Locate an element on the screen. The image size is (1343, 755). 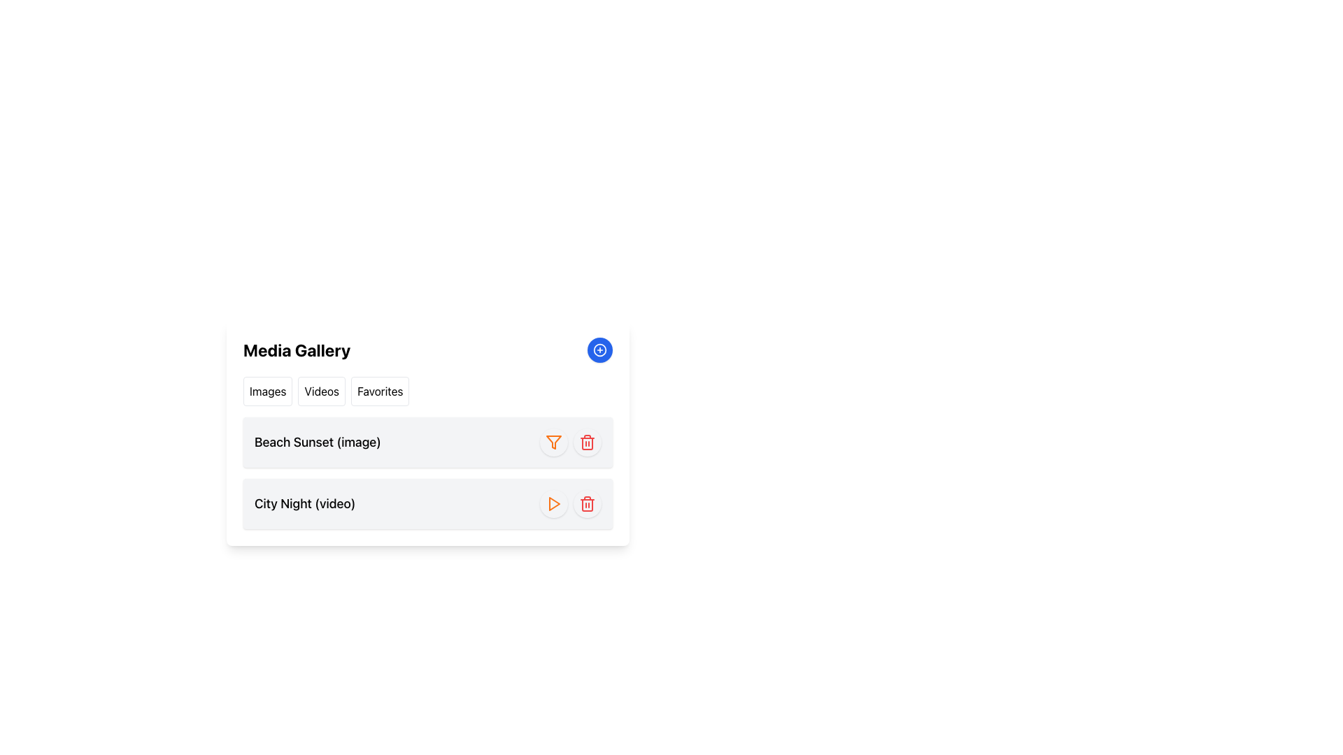
the 'Videos' button, the second button in a horizontal group labeled 'Images', 'Videos', and 'Favorites', for keyboard navigation is located at coordinates (321, 391).